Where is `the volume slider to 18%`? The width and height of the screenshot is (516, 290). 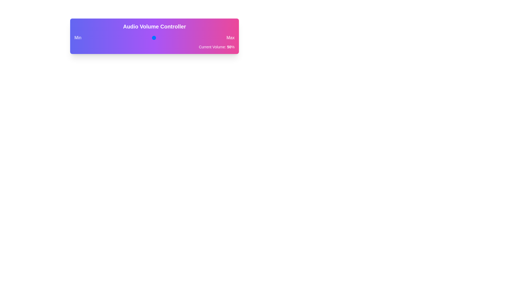 the volume slider to 18% is located at coordinates (110, 38).